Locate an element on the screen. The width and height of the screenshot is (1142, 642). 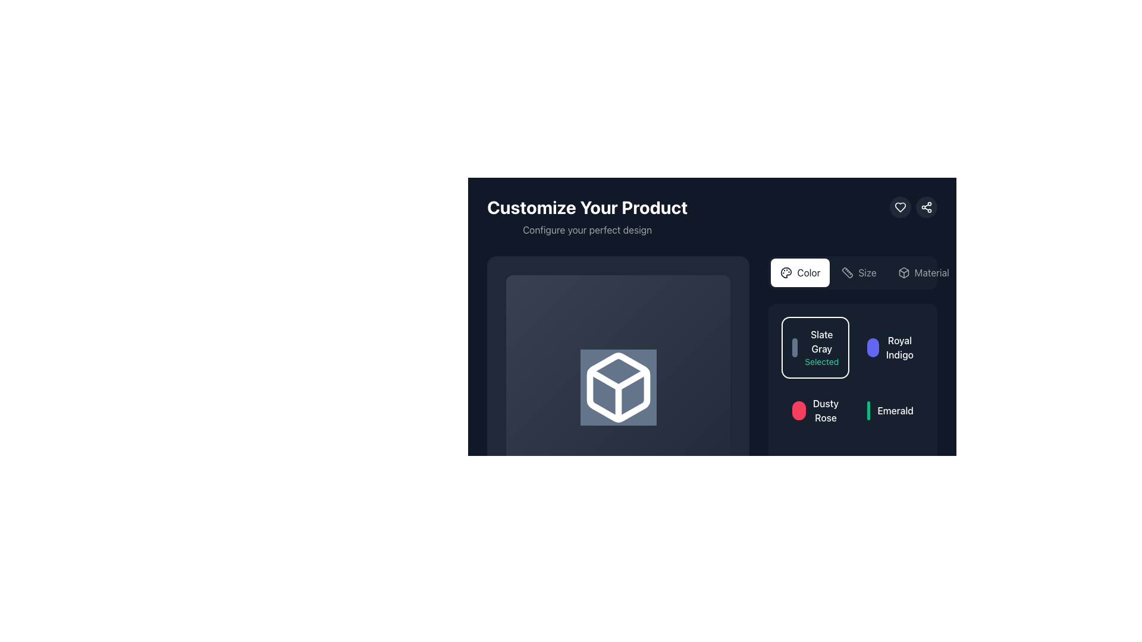
the static text label that displays the status 'Selected' for the color option 'Slate Gray', located at the bottom of its bordered box is located at coordinates (821, 361).